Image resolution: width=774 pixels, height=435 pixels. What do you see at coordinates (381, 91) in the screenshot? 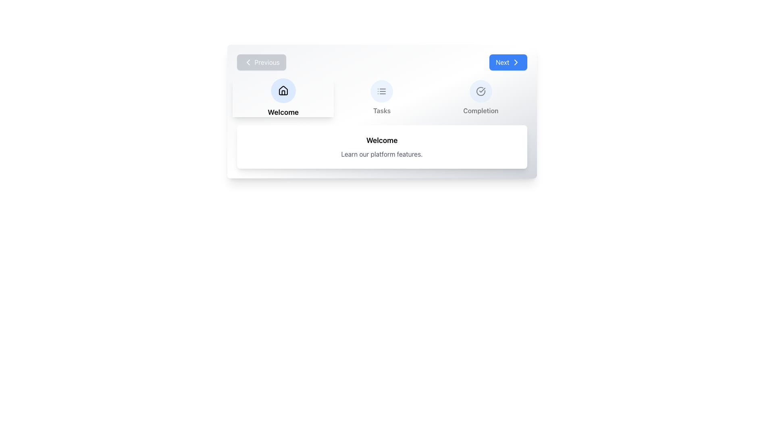
I see `the navigation button located above the 'Tasks' caption` at bounding box center [381, 91].